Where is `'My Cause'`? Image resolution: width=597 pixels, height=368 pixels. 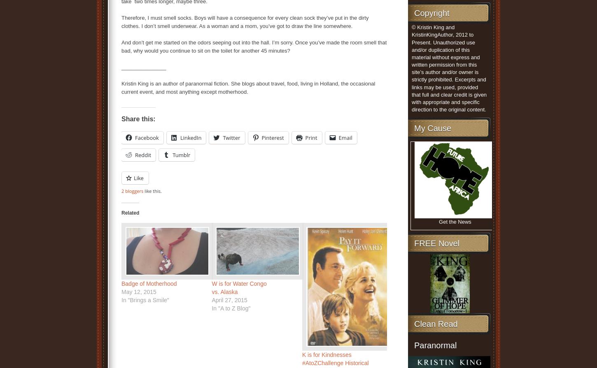 'My Cause' is located at coordinates (432, 128).